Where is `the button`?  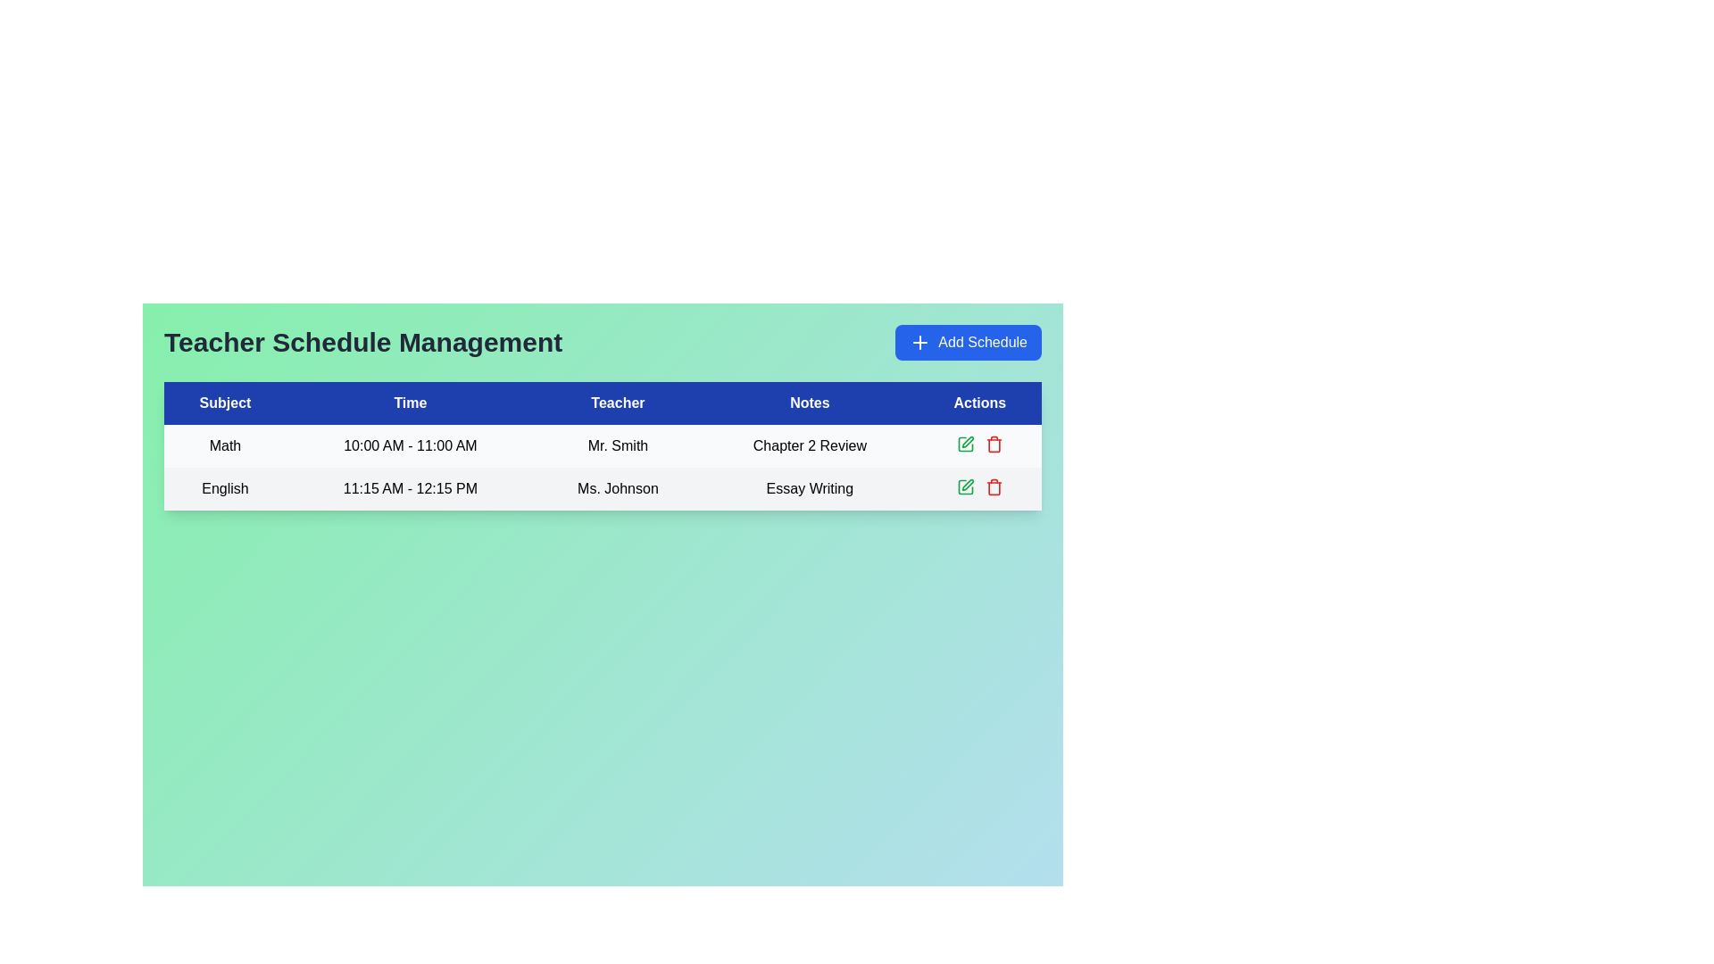 the button is located at coordinates (968, 343).